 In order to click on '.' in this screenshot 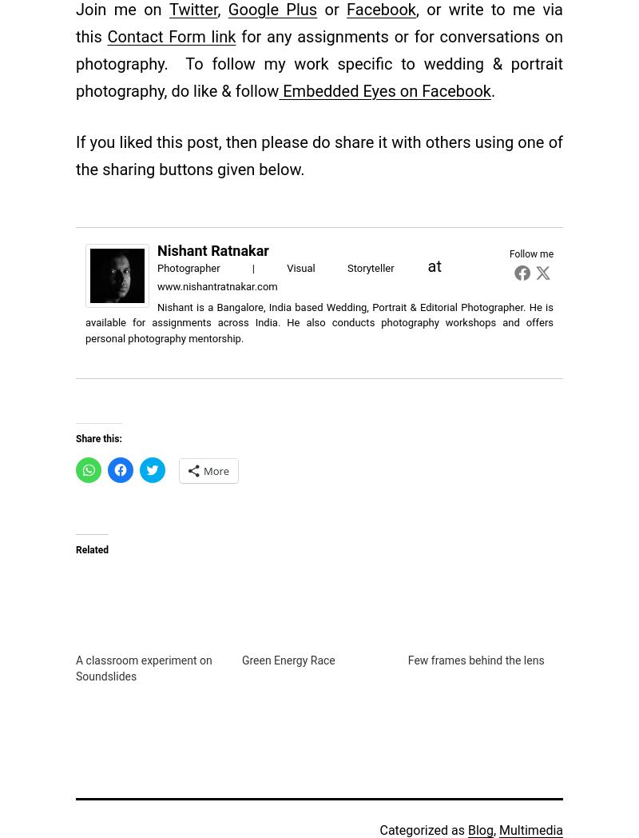, I will do `click(493, 89)`.